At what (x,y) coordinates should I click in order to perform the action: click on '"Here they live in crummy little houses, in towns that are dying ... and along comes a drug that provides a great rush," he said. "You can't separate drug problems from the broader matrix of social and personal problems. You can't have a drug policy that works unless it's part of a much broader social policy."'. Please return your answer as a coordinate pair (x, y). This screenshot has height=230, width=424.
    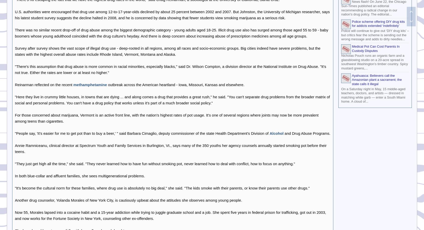
    Looking at the image, I should click on (172, 99).